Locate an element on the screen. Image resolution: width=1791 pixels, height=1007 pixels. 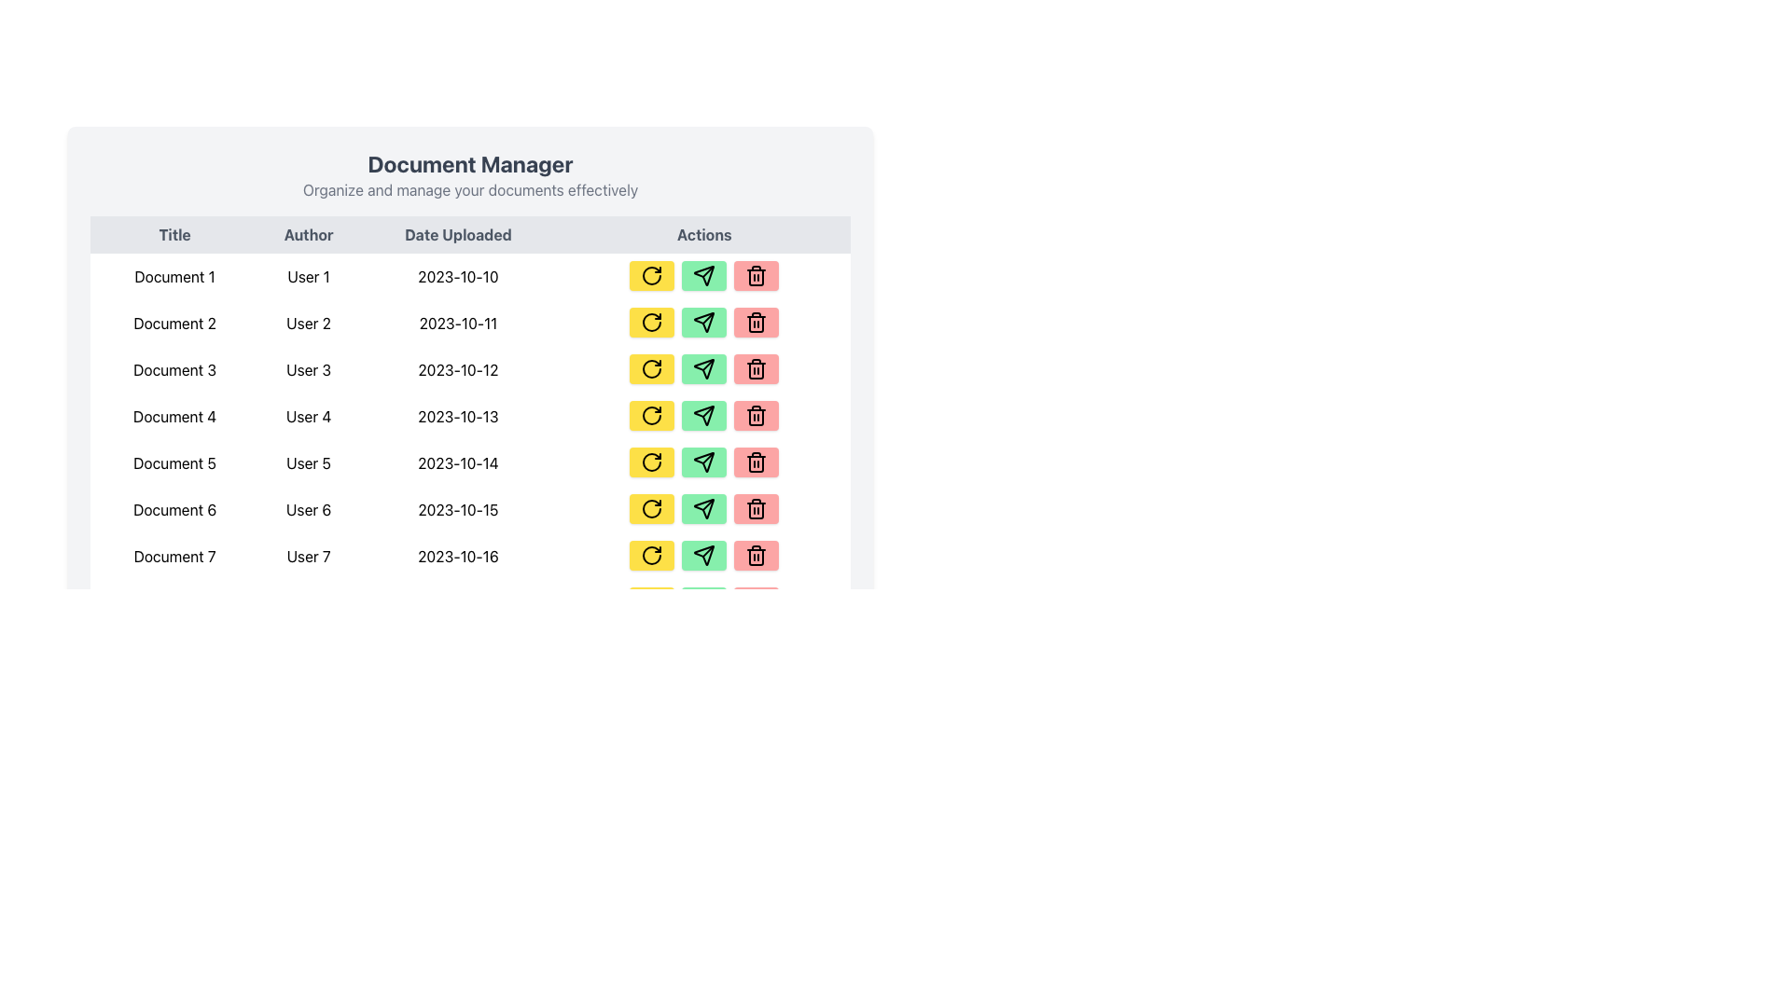
the delete button in the 'Actions' column of the table for 'Document 7', which is the third icon in that row is located at coordinates (757, 555).